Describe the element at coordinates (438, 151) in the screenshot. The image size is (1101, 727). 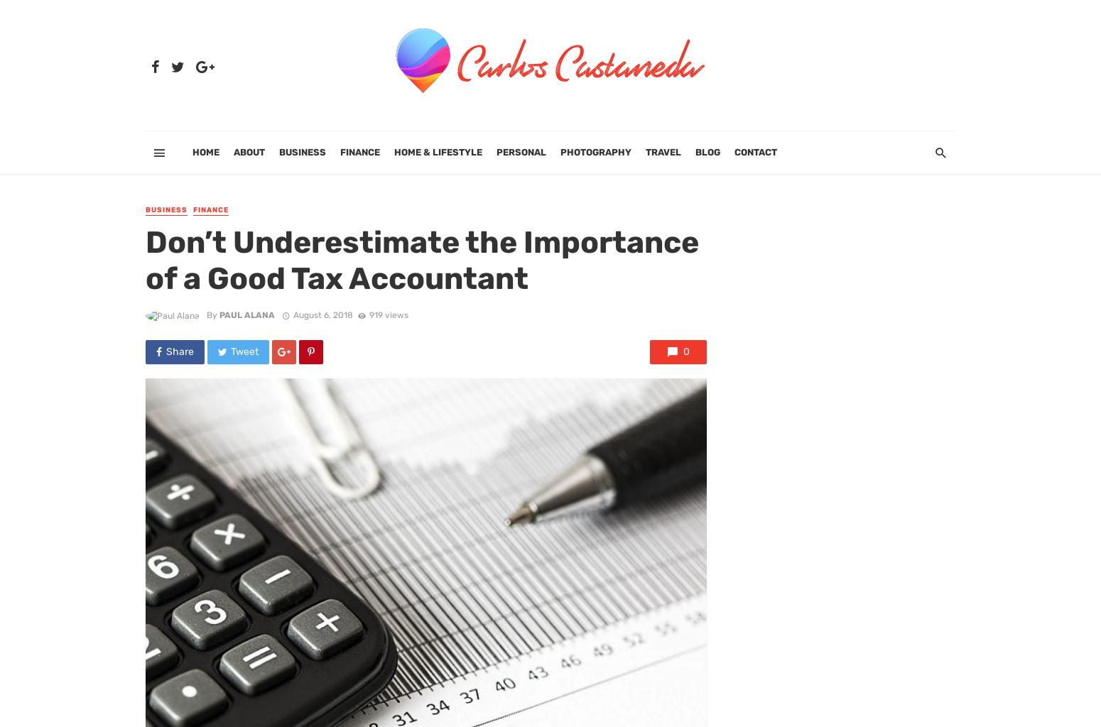
I see `'Home & Lifestyle'` at that location.